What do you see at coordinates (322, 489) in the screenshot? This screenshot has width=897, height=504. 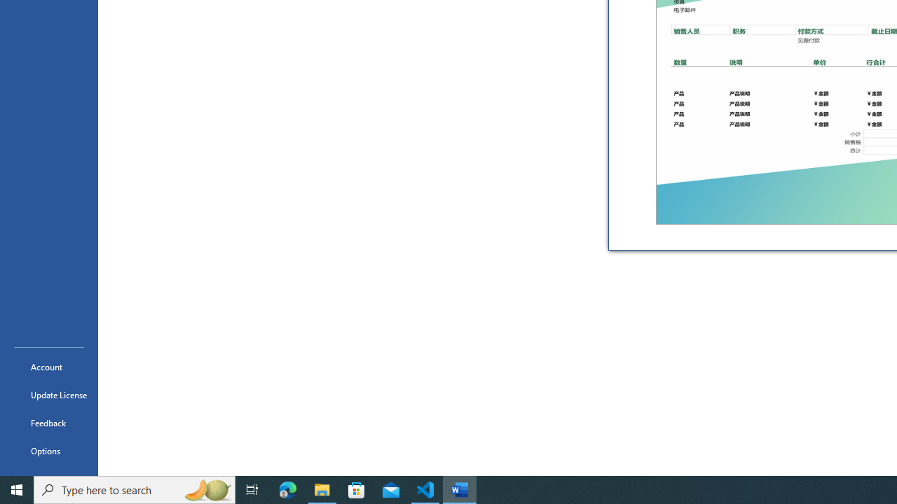 I see `'File Explorer - 1 running window'` at bounding box center [322, 489].